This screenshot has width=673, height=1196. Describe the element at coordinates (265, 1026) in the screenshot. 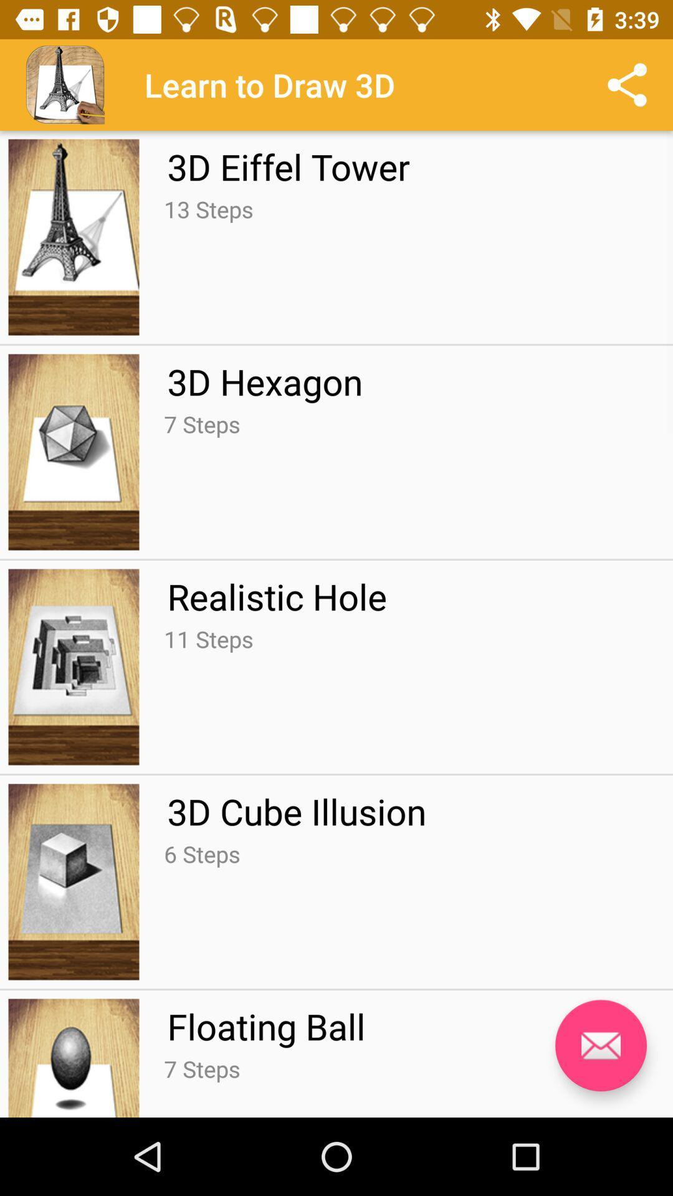

I see `the floating ball icon` at that location.